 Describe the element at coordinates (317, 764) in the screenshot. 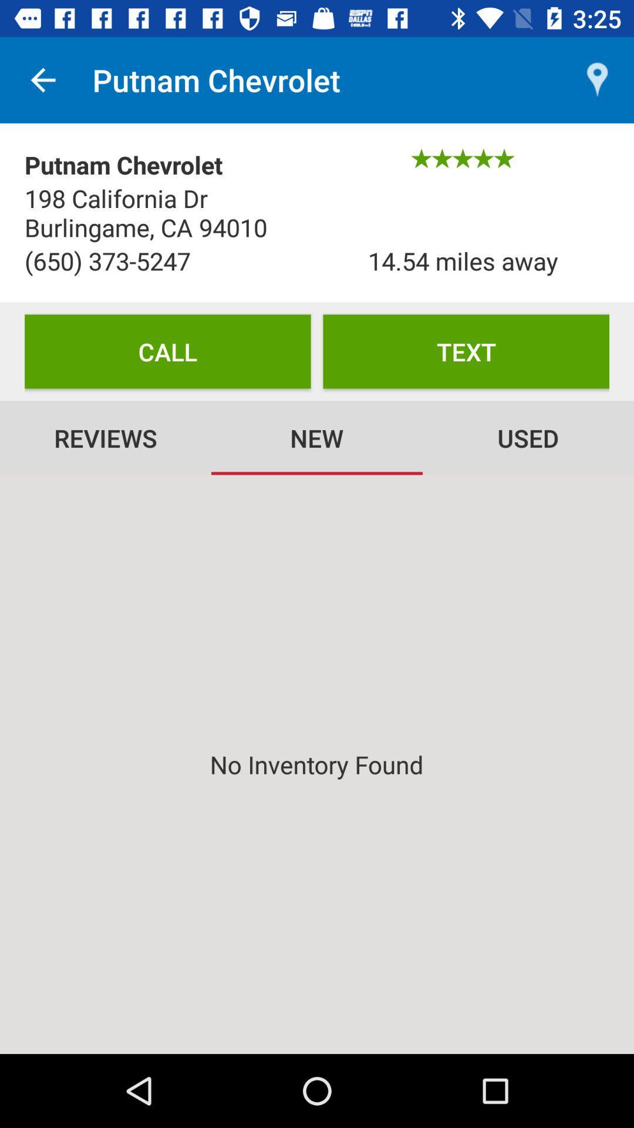

I see `nothing happens` at that location.